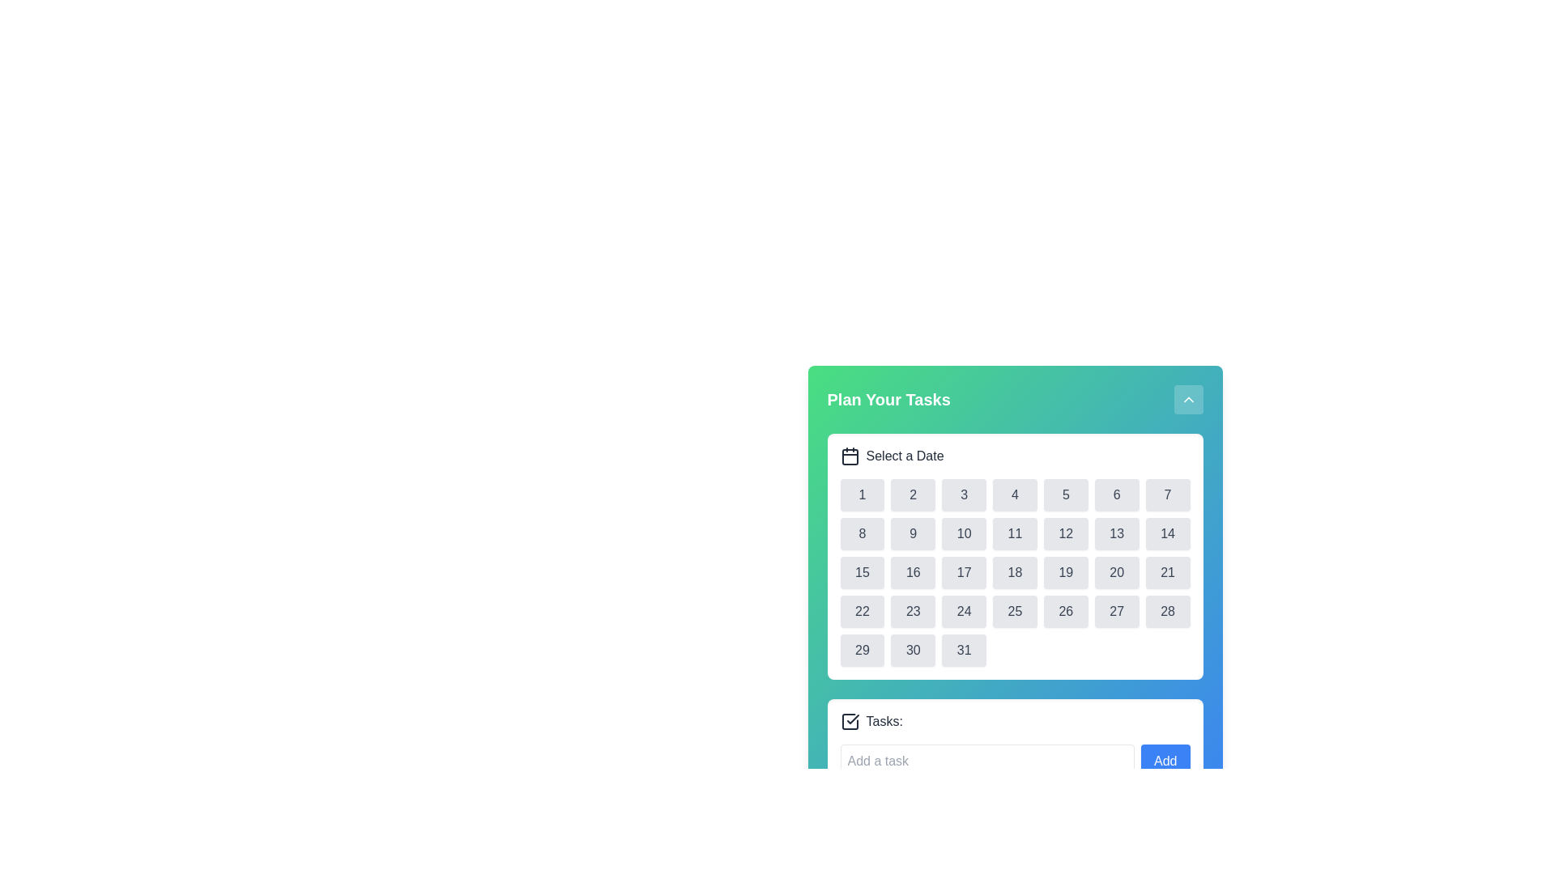  I want to click on the rounded rectangle shape within the calendar icon located to the left of the heading 'Select a Date', so click(849, 456).